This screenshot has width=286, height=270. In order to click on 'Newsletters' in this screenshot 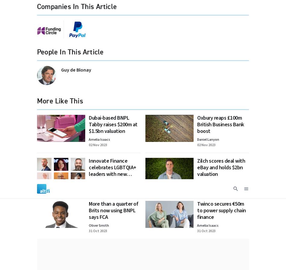, I will do `click(48, 35)`.